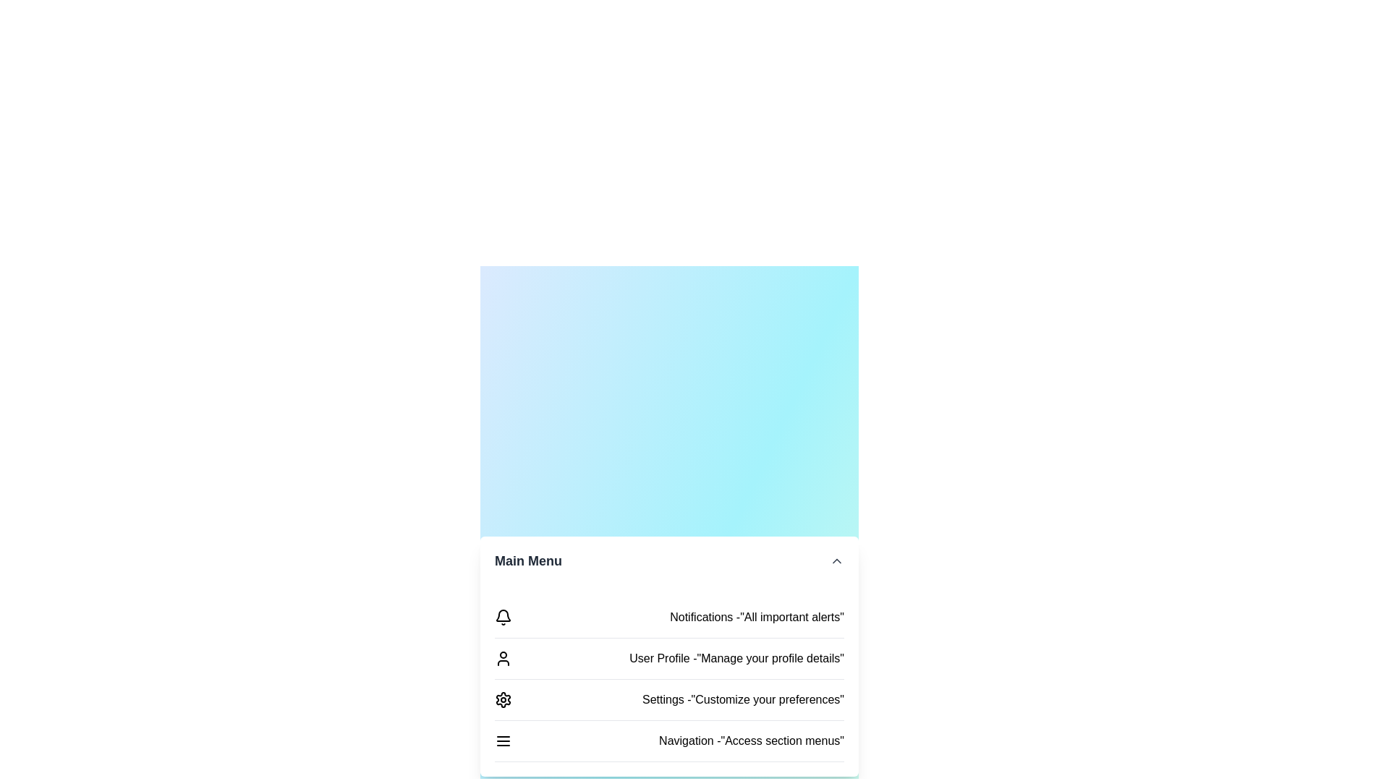  What do you see at coordinates (668, 618) in the screenshot?
I see `the menu item Notifications to interact with it` at bounding box center [668, 618].